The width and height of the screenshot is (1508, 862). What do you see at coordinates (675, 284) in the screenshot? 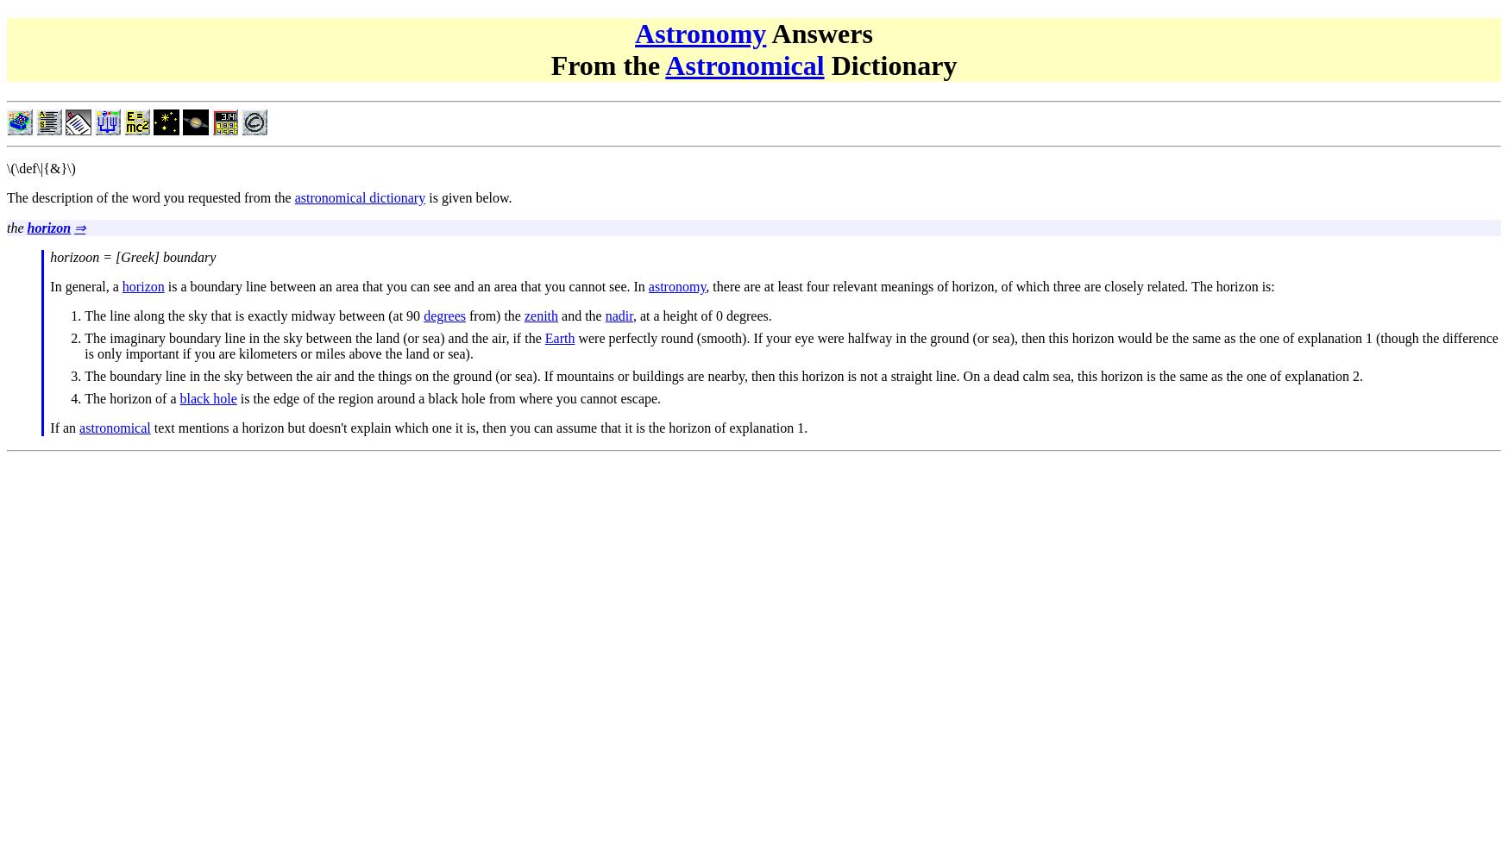
I see `'astronomy'` at bounding box center [675, 284].